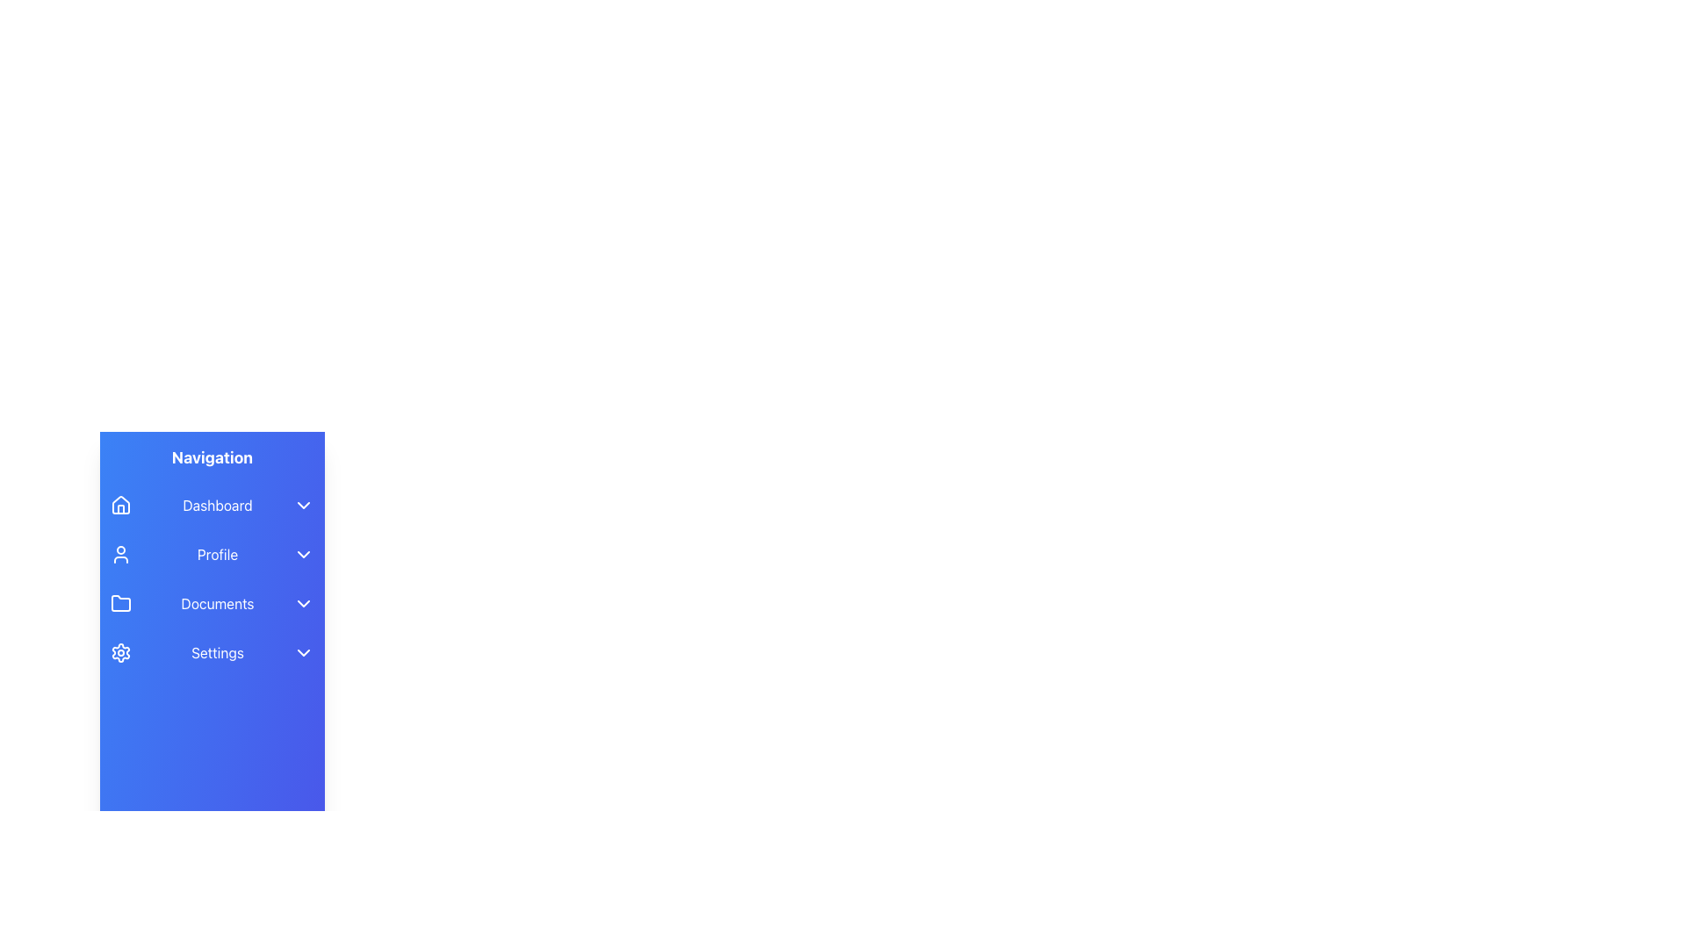  Describe the element at coordinates (120, 555) in the screenshot. I see `the Profile Icon located in the vertical navigation menu, positioned below the Dashboard and above the Documents sections` at that location.